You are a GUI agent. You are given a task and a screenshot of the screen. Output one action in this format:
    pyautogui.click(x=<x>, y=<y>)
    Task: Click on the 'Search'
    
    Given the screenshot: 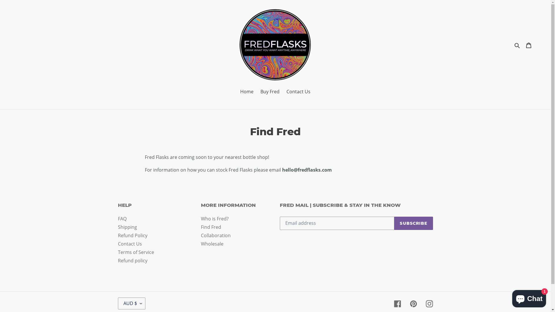 What is the action you would take?
    pyautogui.click(x=517, y=44)
    